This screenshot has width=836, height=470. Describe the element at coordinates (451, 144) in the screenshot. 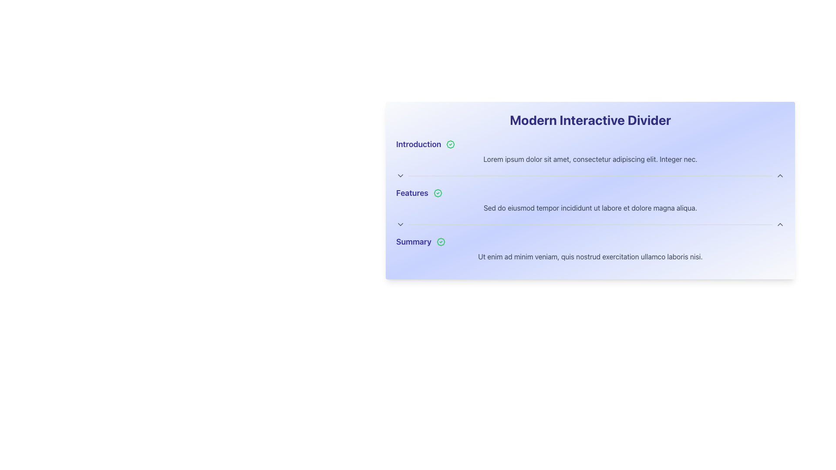

I see `the green circular badge icon with a checkmark, located to the right of the text 'Introduction' in bold indigo font` at that location.